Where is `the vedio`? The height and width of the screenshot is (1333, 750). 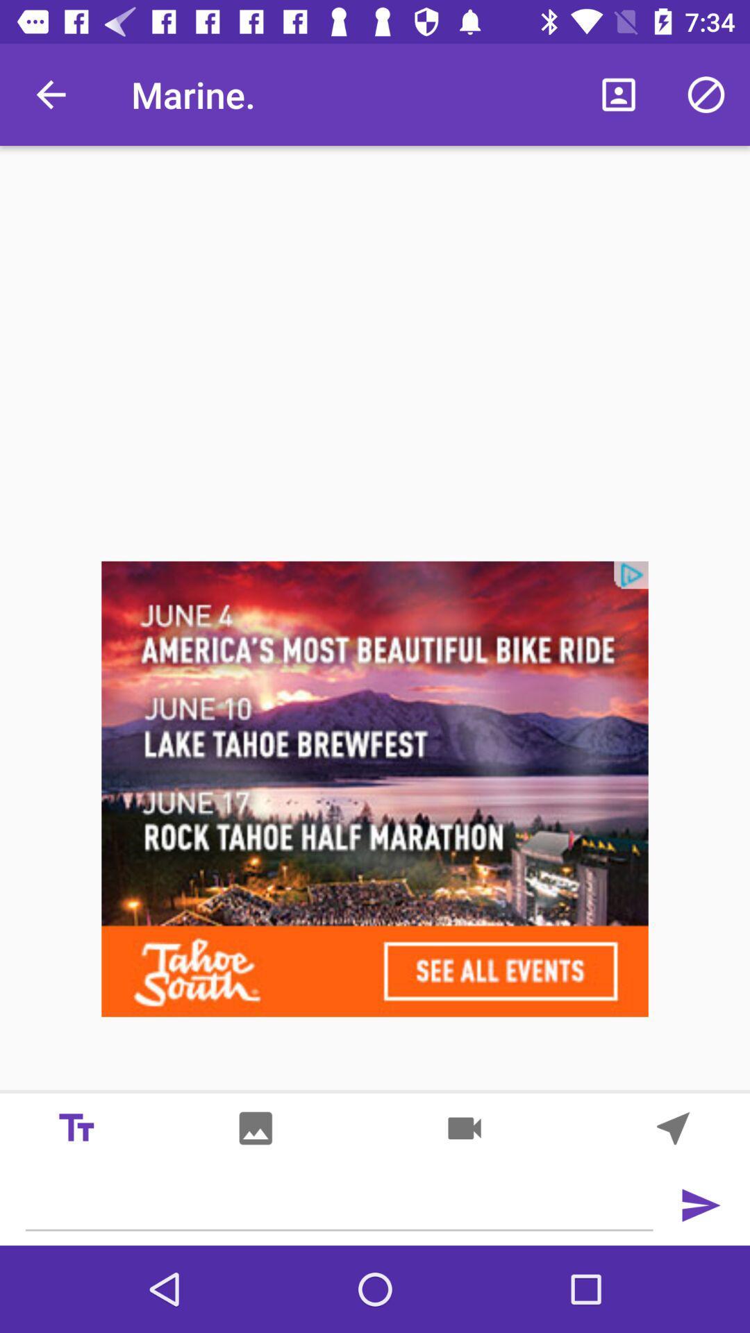
the vedio is located at coordinates (464, 1128).